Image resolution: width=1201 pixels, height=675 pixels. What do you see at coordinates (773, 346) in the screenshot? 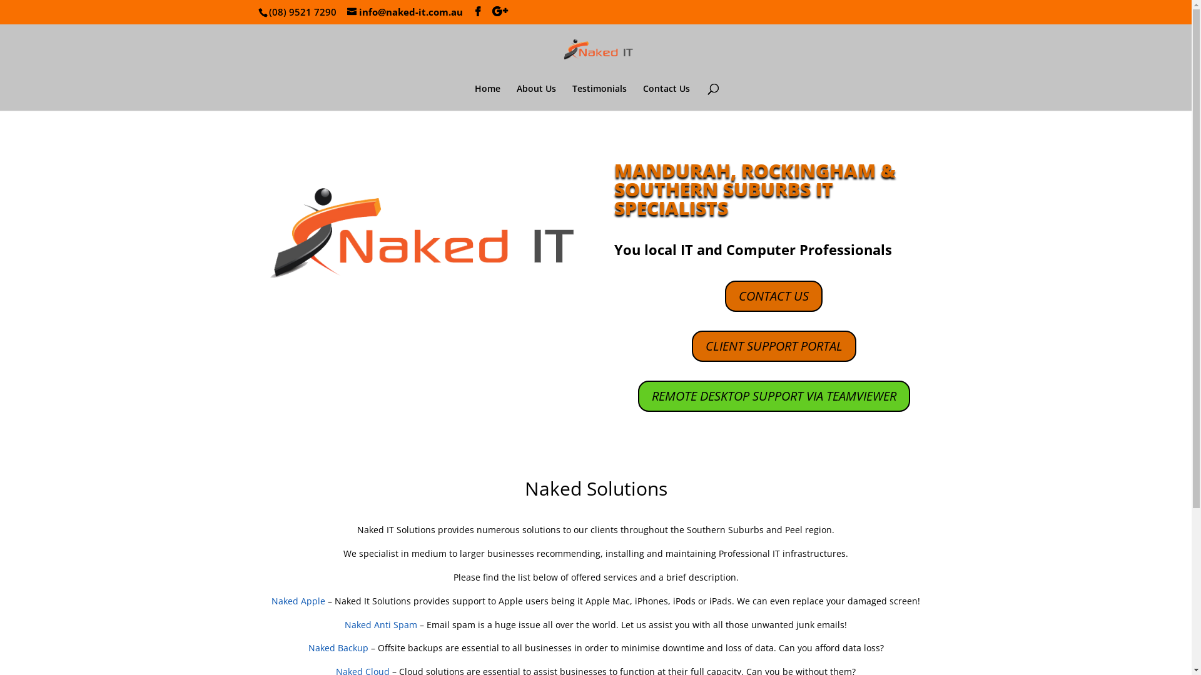
I see `'CLIENT SUPPORT PORTAL'` at bounding box center [773, 346].